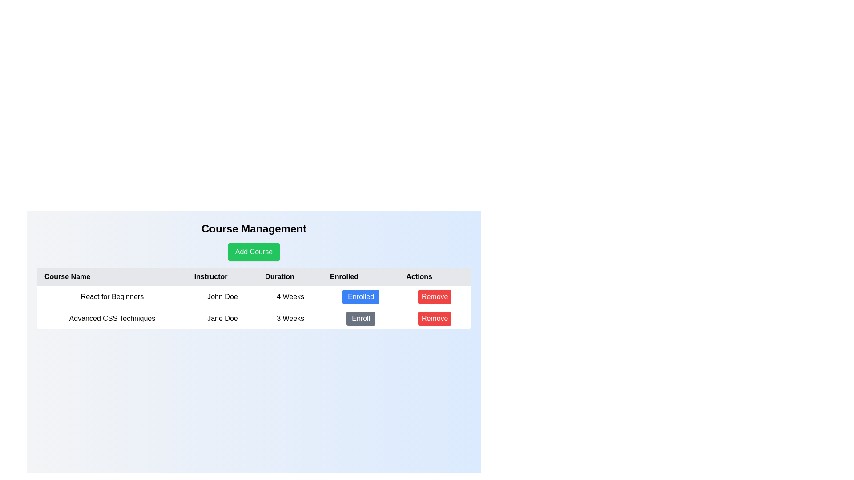 Image resolution: width=854 pixels, height=480 pixels. What do you see at coordinates (361, 296) in the screenshot?
I see `keyboard navigation` at bounding box center [361, 296].